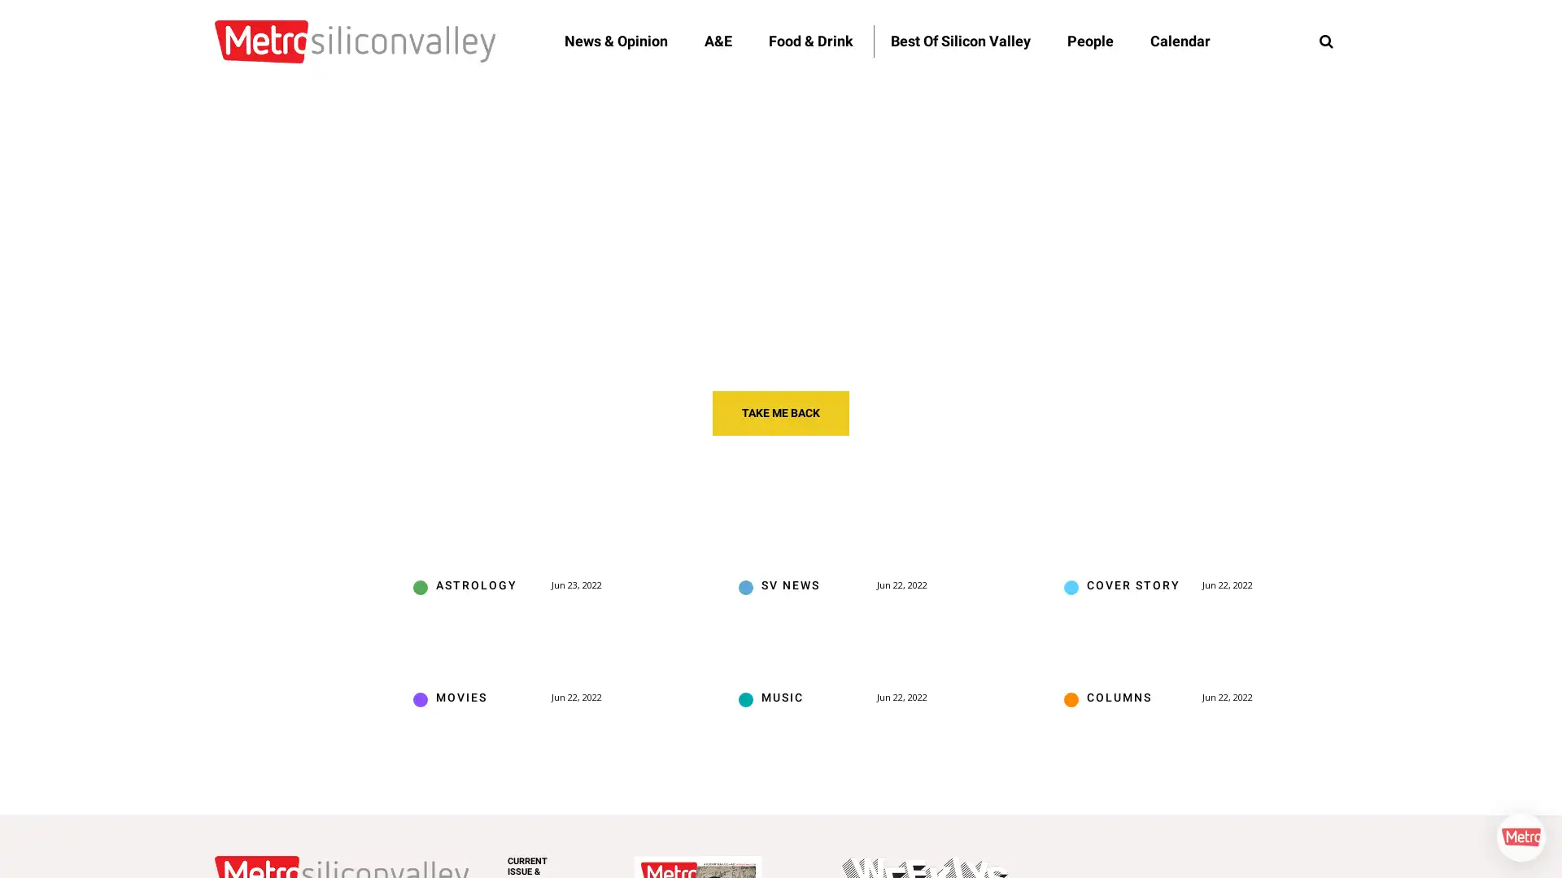  Describe the element at coordinates (1326, 41) in the screenshot. I see `Search` at that location.